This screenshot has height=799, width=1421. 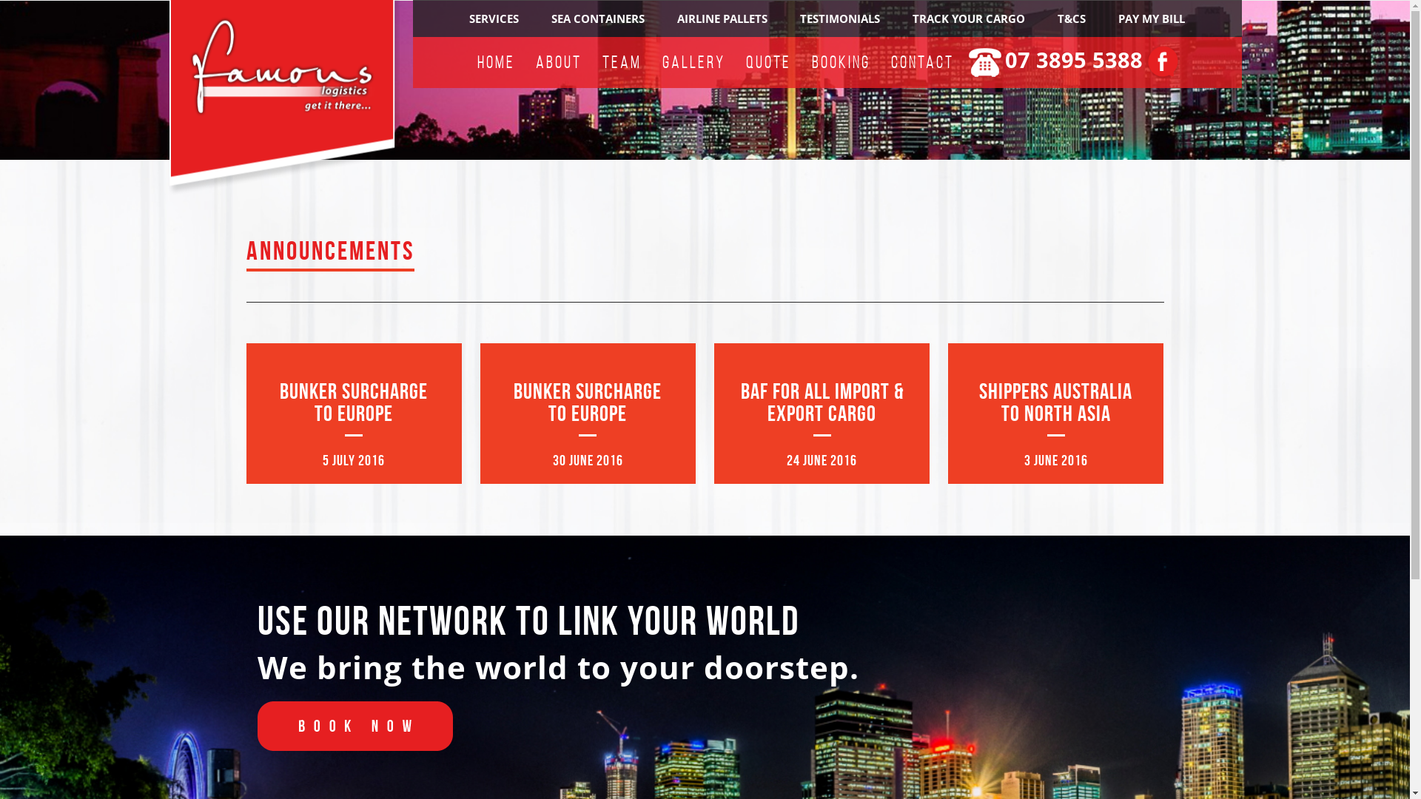 I want to click on 'BAF FOR ALL IMPORT & EXPORT CARGO', so click(x=821, y=402).